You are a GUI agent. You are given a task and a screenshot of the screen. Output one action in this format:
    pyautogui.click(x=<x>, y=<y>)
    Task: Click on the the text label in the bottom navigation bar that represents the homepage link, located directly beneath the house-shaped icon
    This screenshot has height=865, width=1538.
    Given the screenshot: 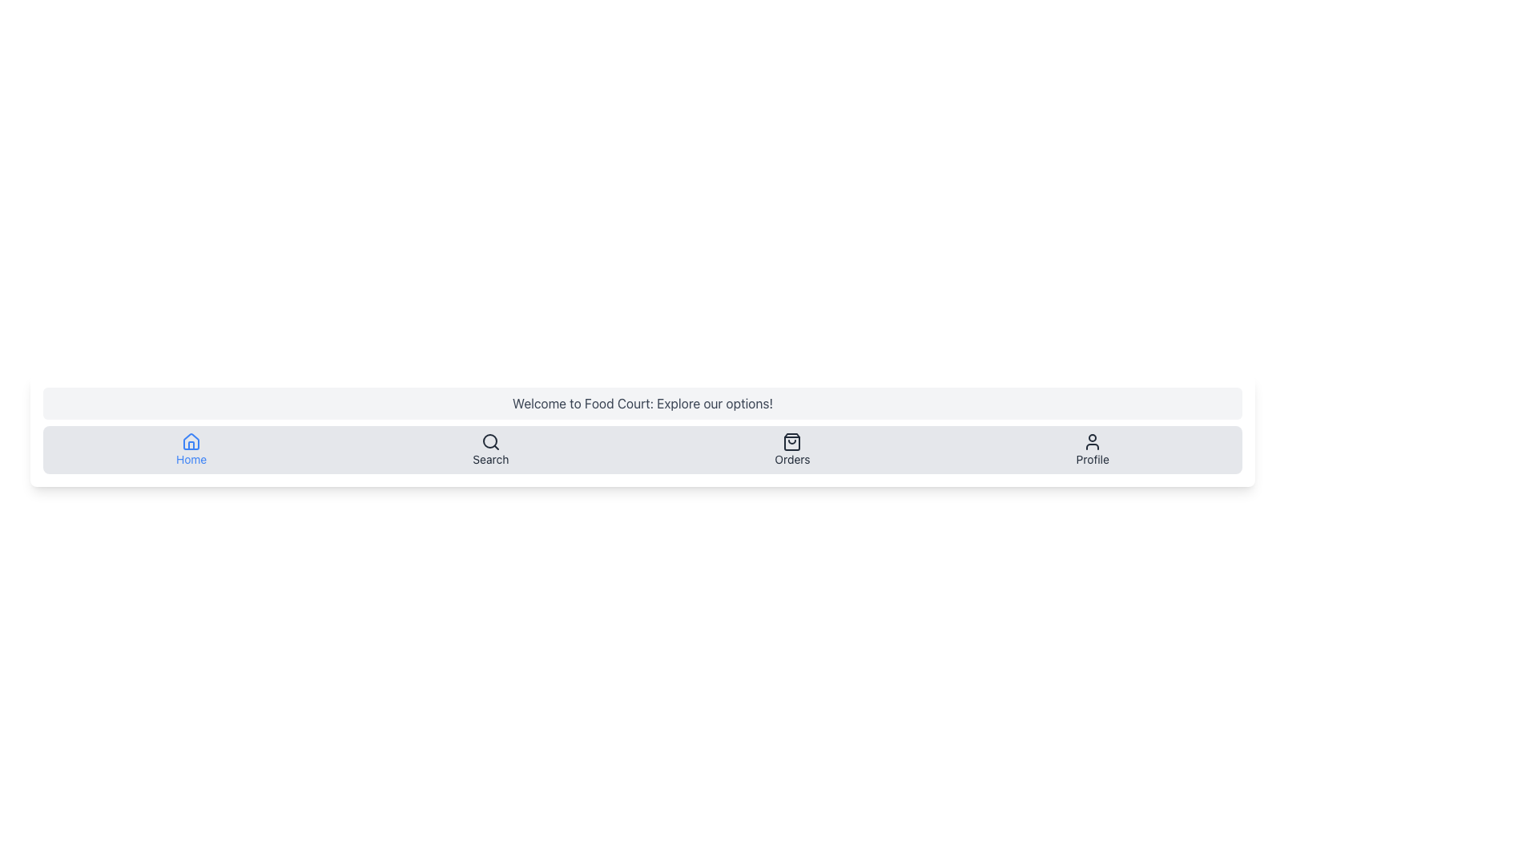 What is the action you would take?
    pyautogui.click(x=191, y=460)
    